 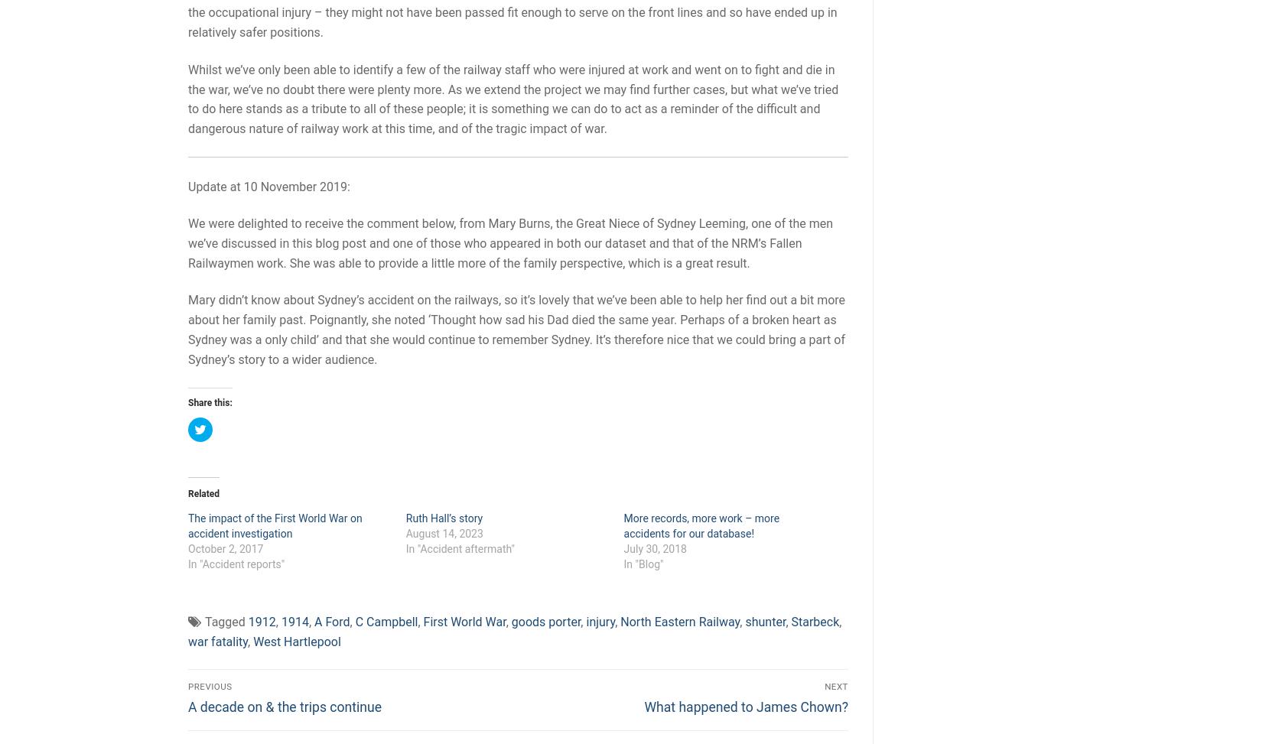 I want to click on 'shunter', so click(x=765, y=621).